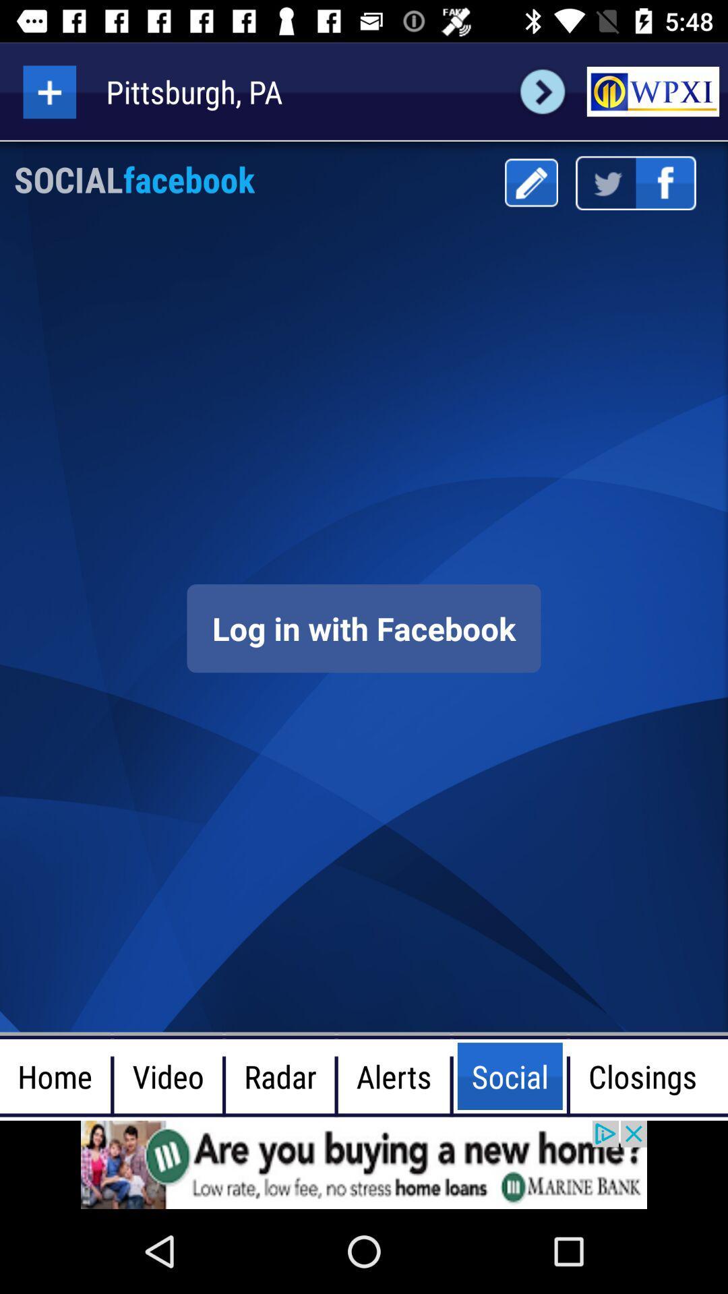 This screenshot has width=728, height=1294. What do you see at coordinates (530, 182) in the screenshot?
I see `edit` at bounding box center [530, 182].